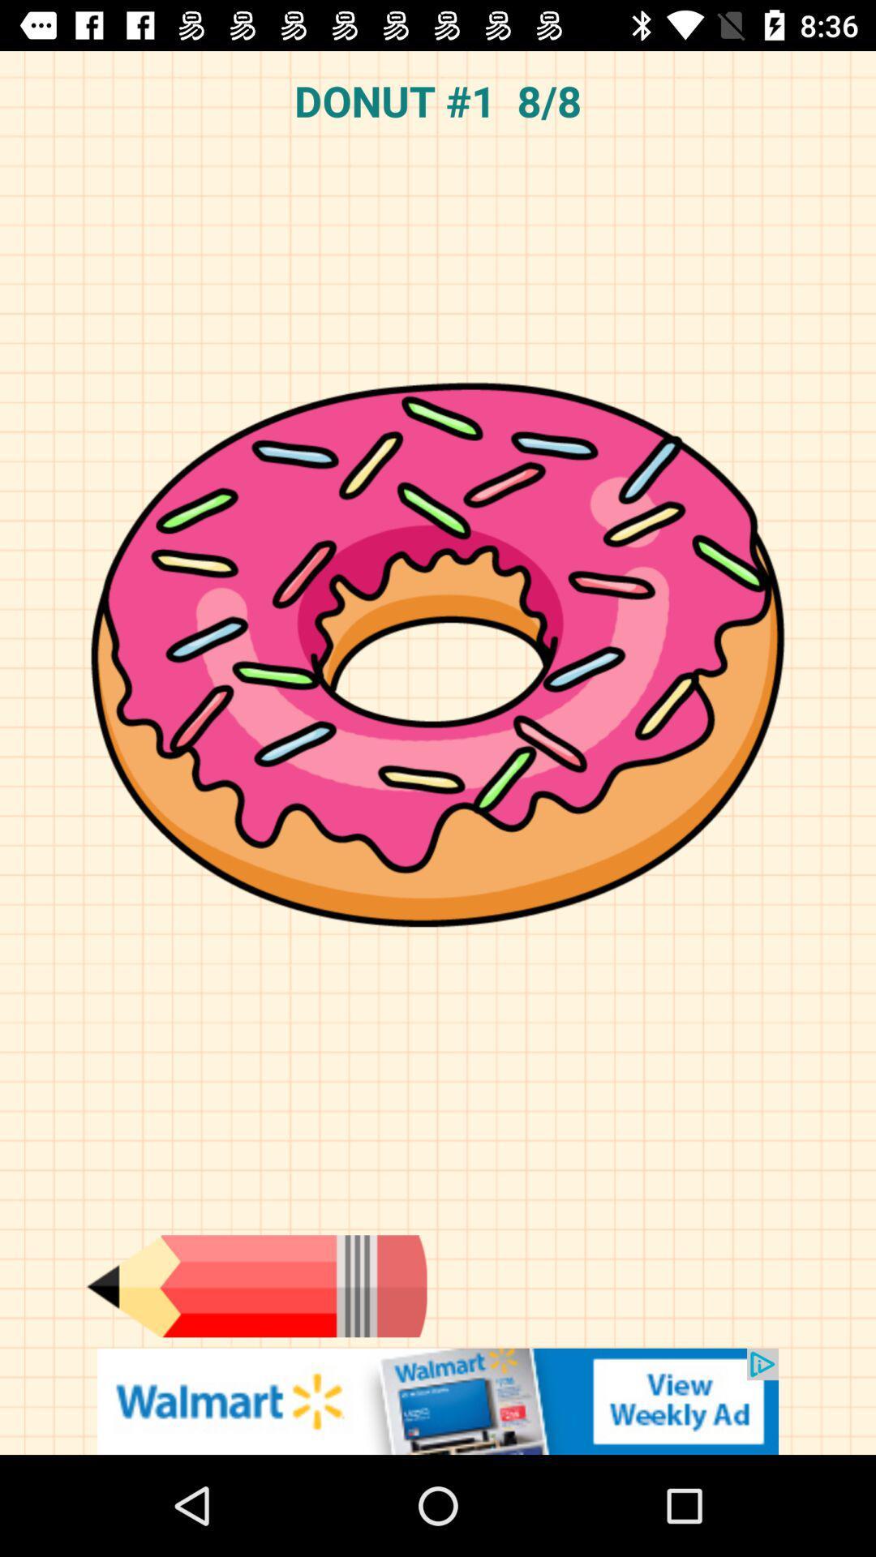  Describe the element at coordinates (438, 1400) in the screenshot. I see `share the article` at that location.